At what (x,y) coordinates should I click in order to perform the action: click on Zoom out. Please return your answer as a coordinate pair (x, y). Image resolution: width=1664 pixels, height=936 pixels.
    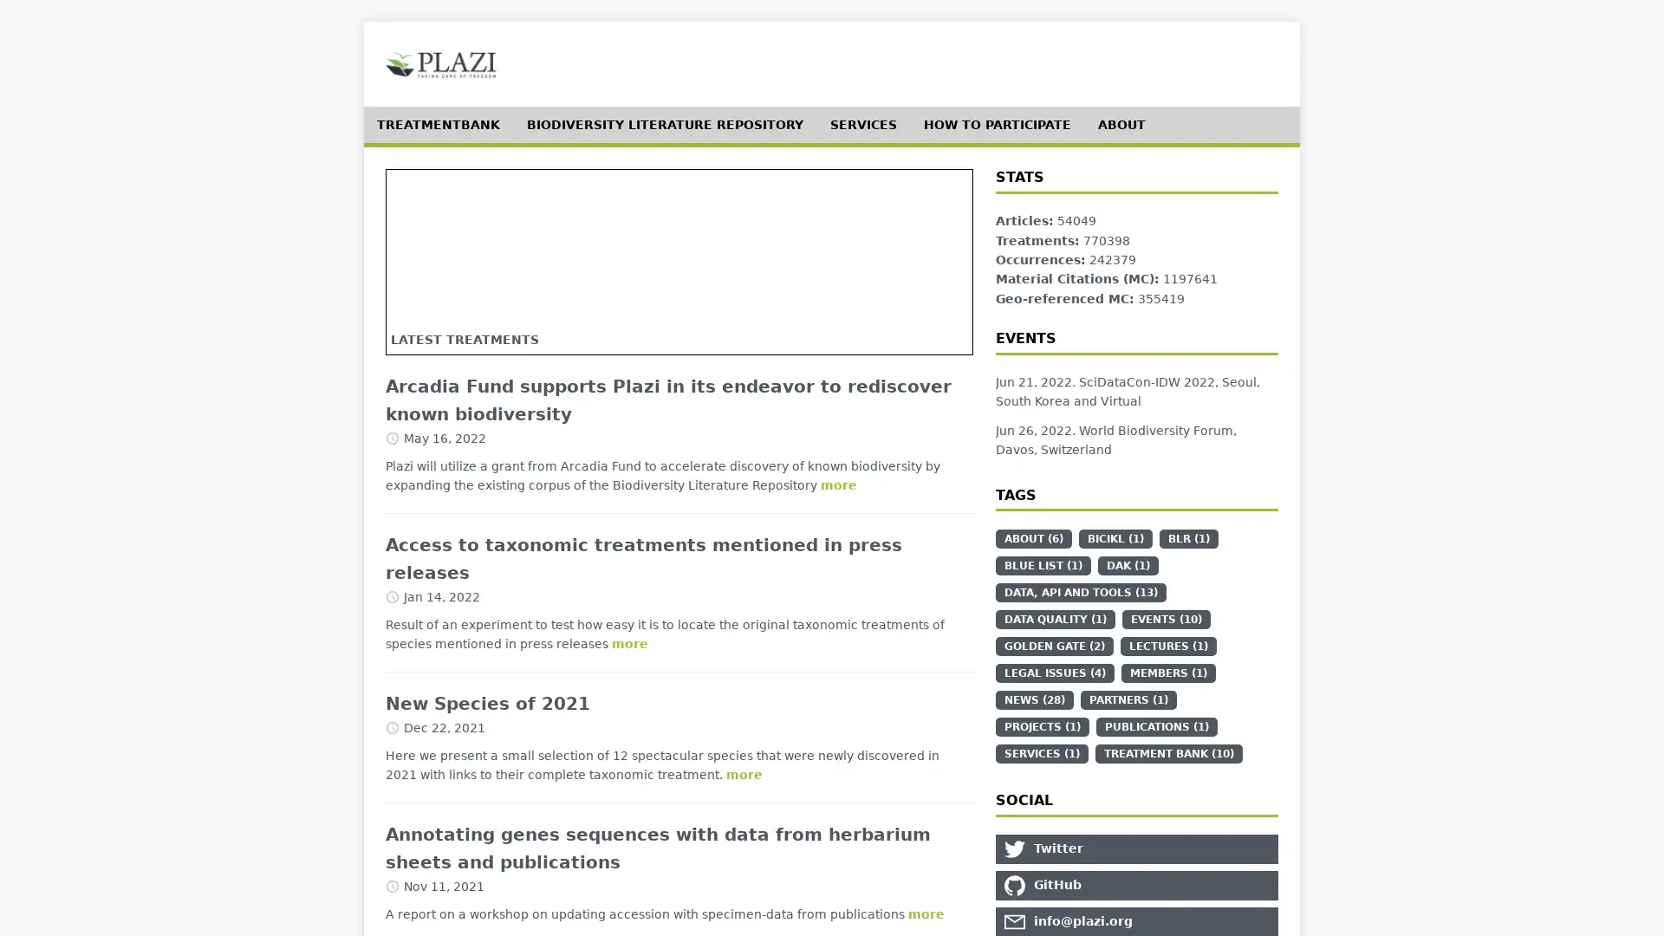
    Looking at the image, I should click on (413, 223).